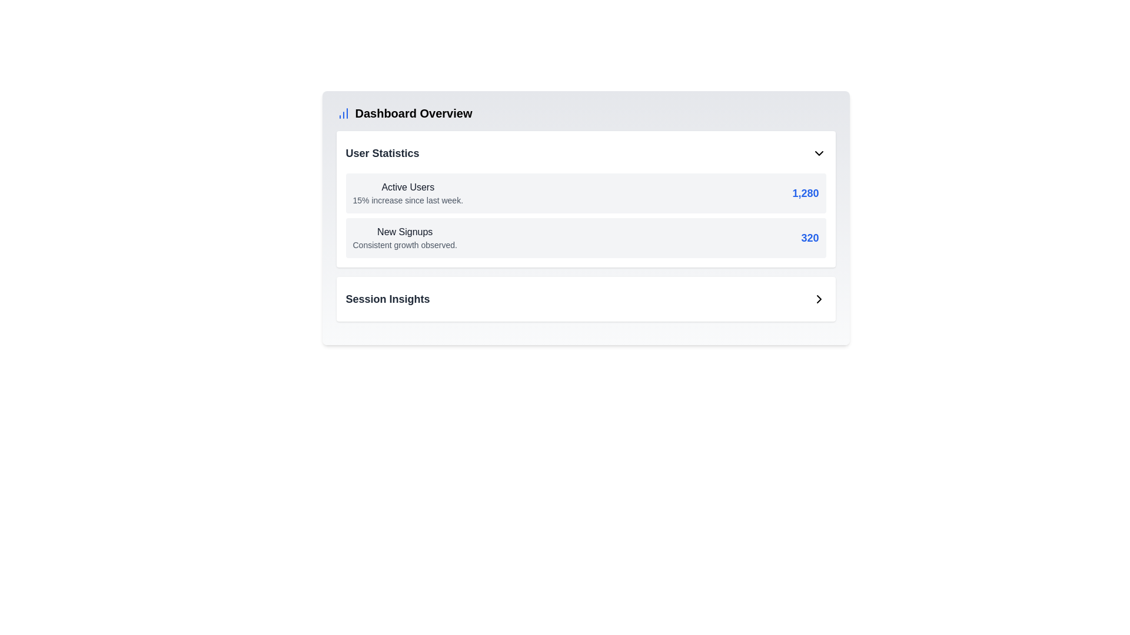 The width and height of the screenshot is (1130, 635). What do you see at coordinates (408, 192) in the screenshot?
I see `the 'Active Users' text block that displays the title and growth percentile summary in the top left portion of the dashboard interface` at bounding box center [408, 192].